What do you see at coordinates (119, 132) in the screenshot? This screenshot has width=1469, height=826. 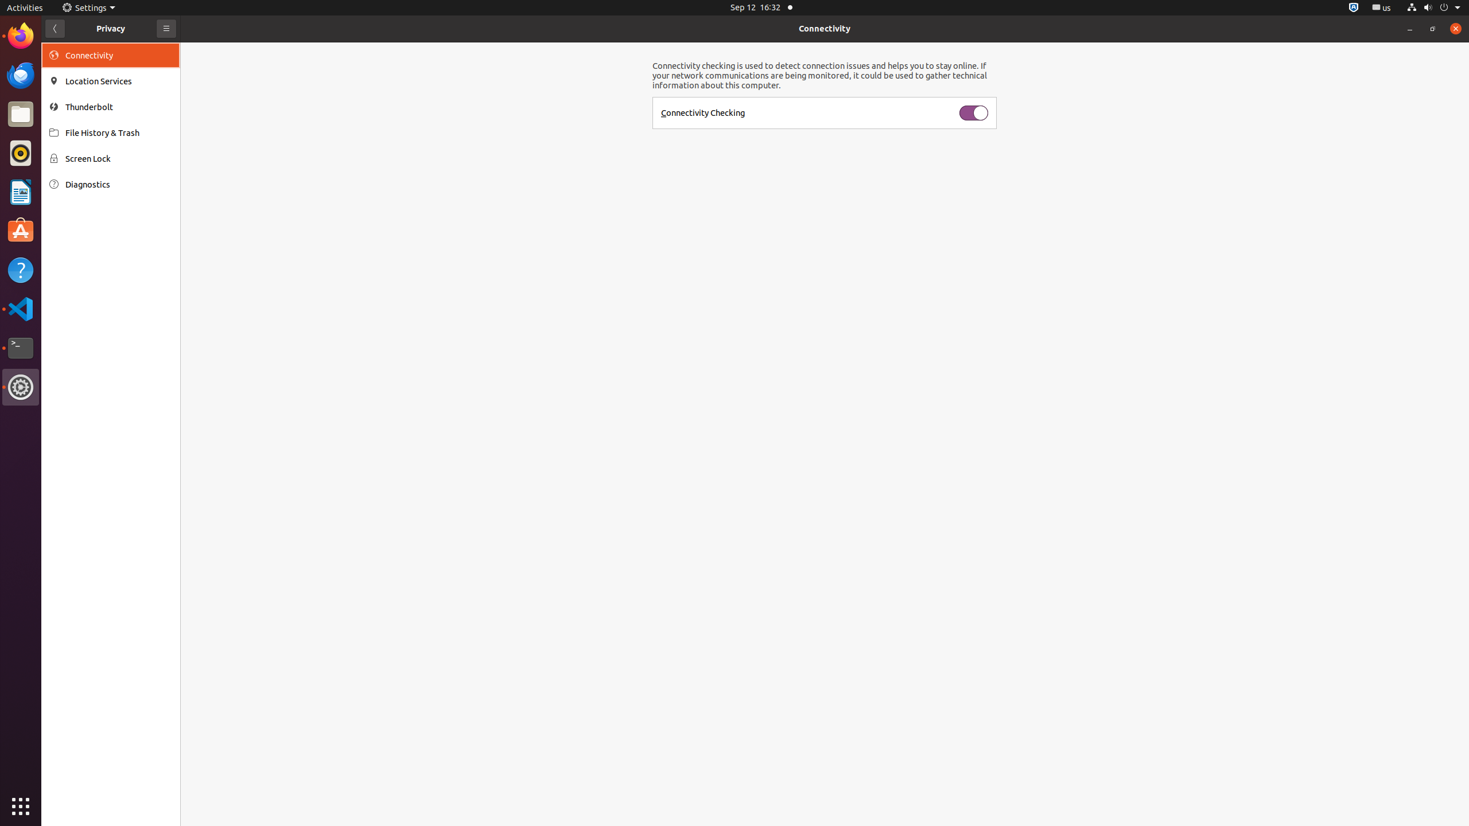 I see `'File History & Trash'` at bounding box center [119, 132].